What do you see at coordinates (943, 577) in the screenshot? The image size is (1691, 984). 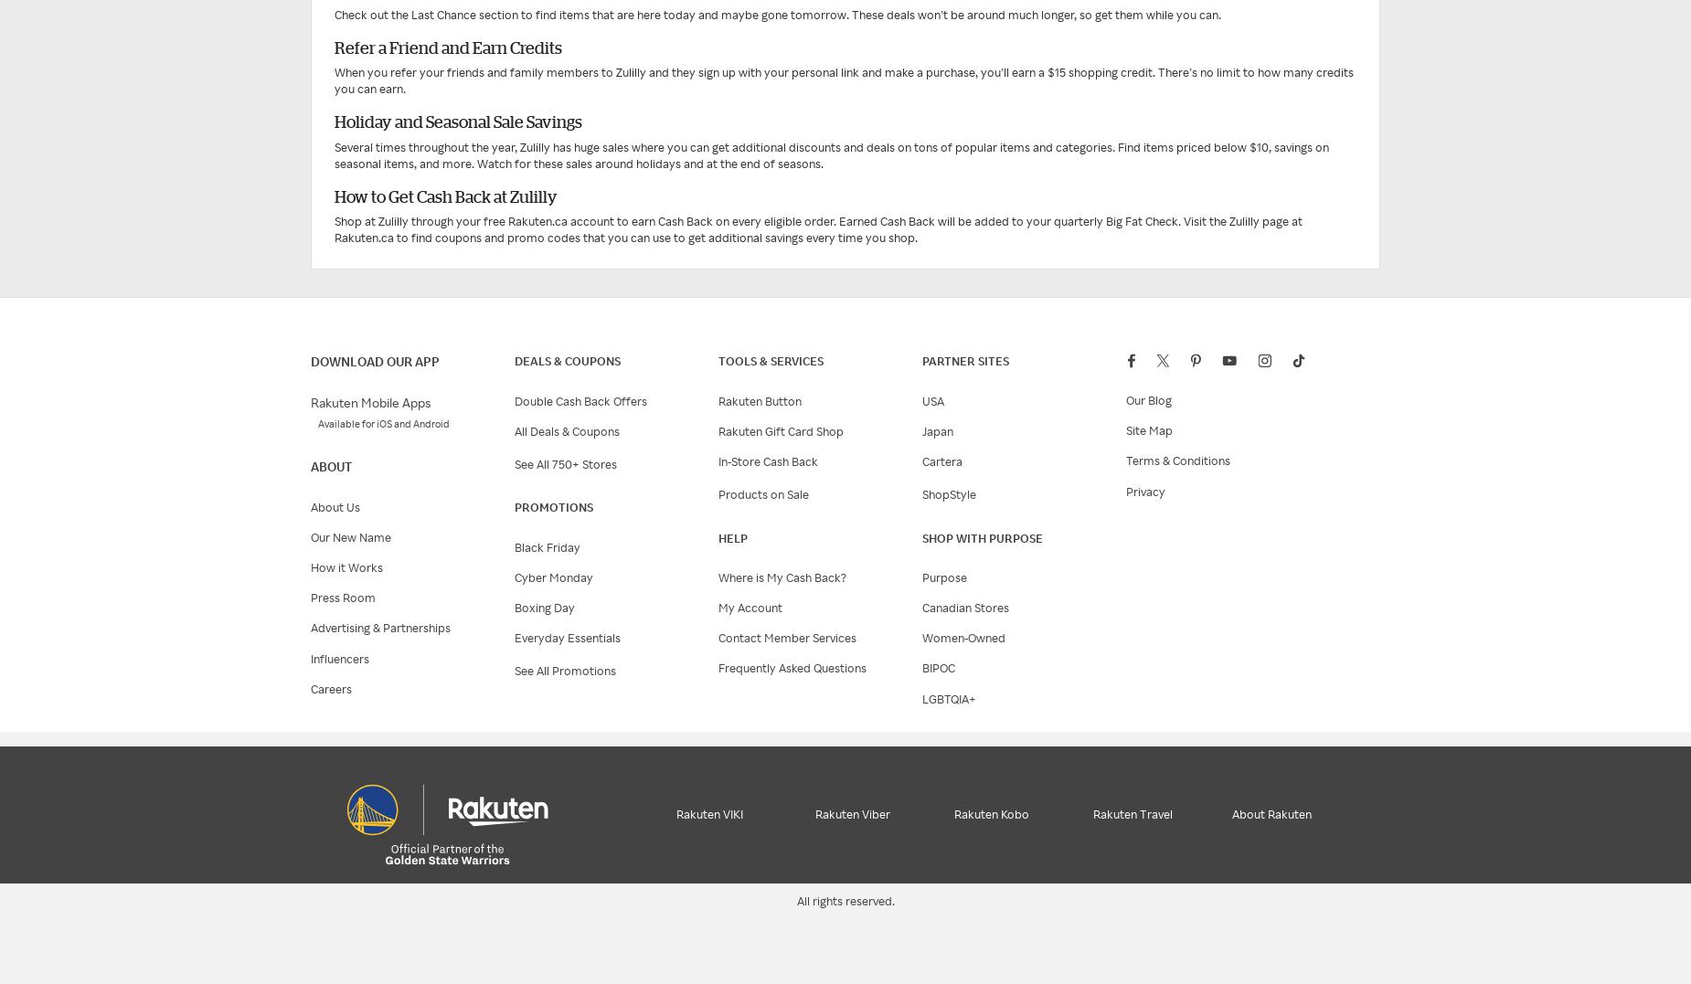 I see `'Purpose'` at bounding box center [943, 577].